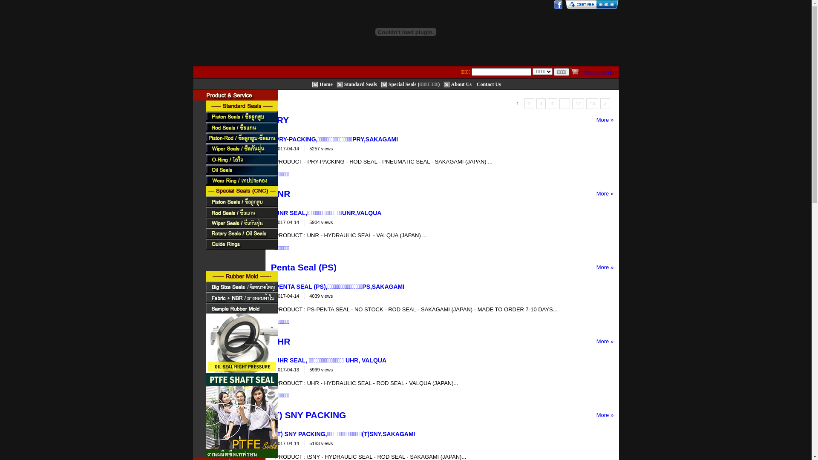 The height and width of the screenshot is (460, 818). What do you see at coordinates (280, 193) in the screenshot?
I see `'UNR'` at bounding box center [280, 193].